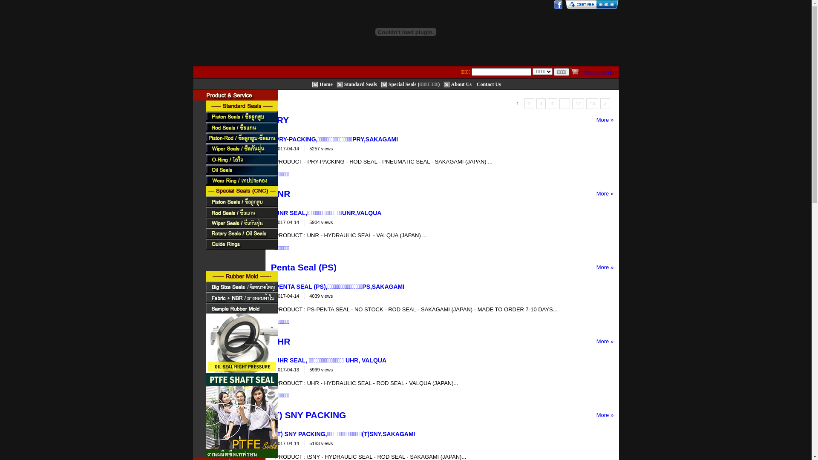 The height and width of the screenshot is (460, 818). What do you see at coordinates (280, 193) in the screenshot?
I see `'UNR'` at bounding box center [280, 193].